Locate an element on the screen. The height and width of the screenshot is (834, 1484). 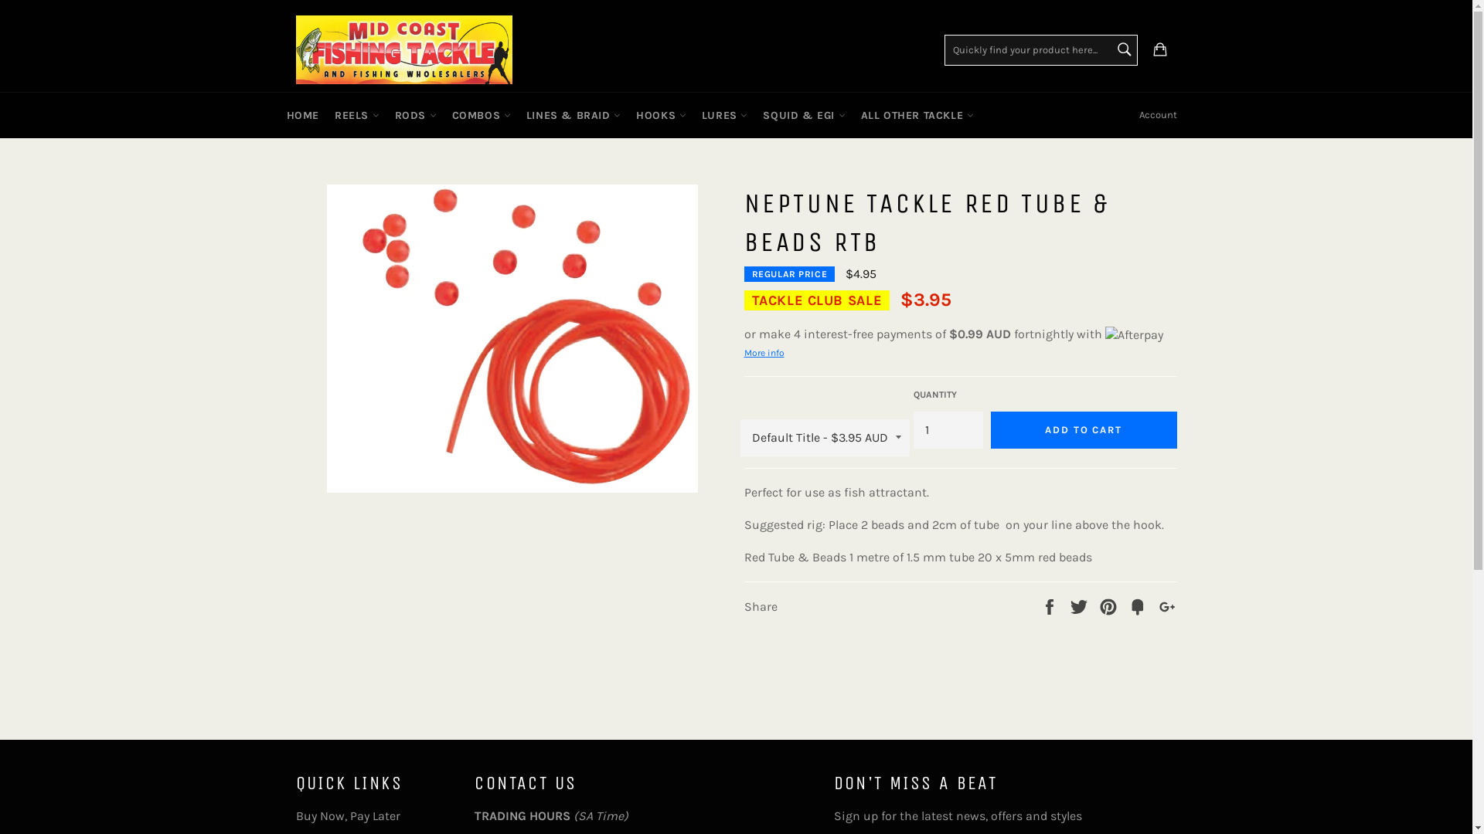
'SQUID & EGI' is located at coordinates (804, 114).